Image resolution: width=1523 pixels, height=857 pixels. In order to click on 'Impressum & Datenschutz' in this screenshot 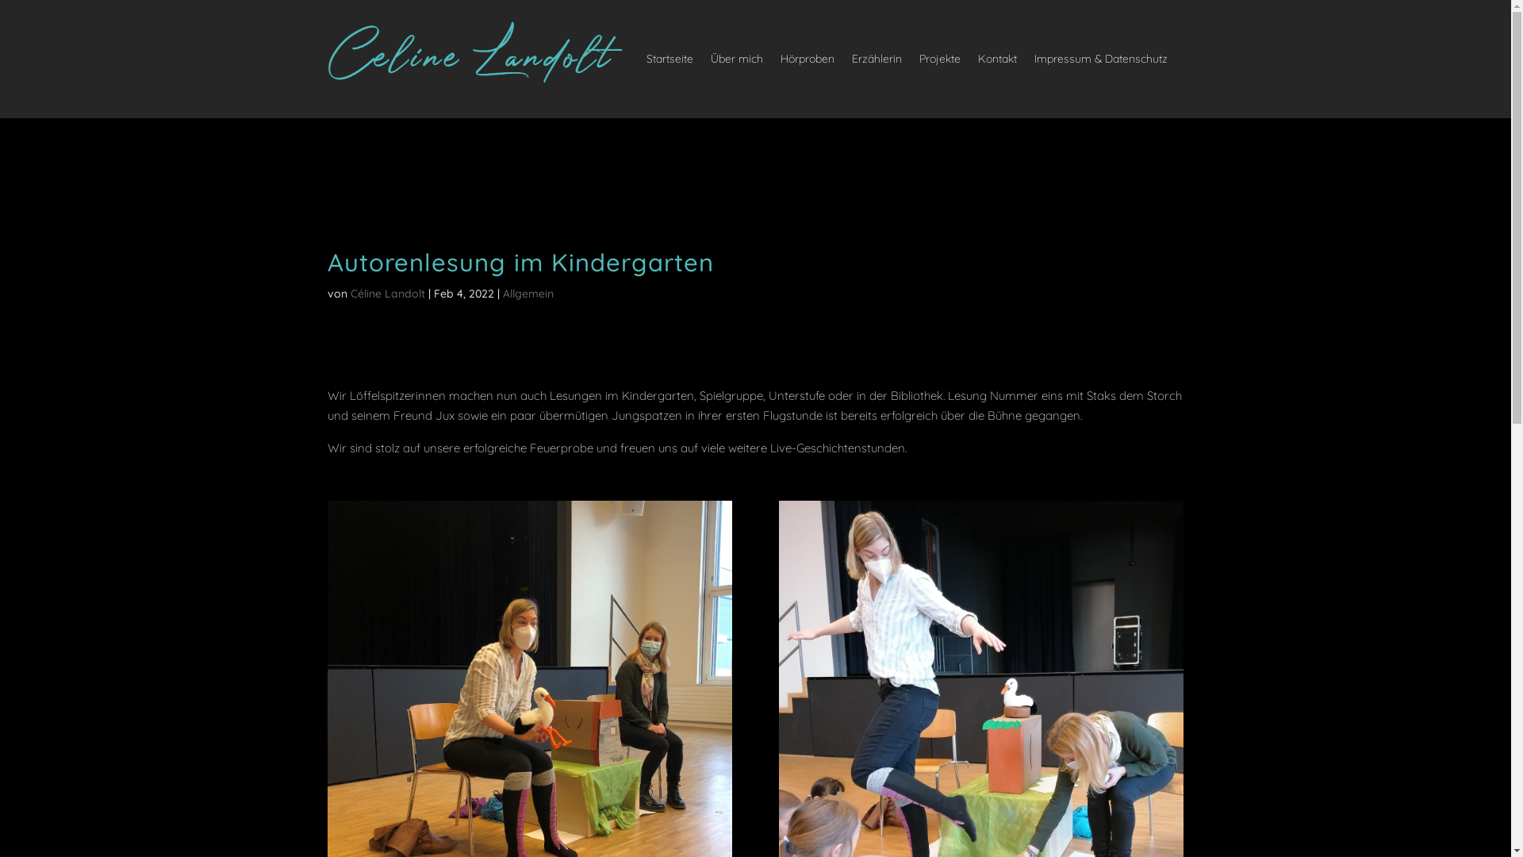, I will do `click(1034, 58)`.